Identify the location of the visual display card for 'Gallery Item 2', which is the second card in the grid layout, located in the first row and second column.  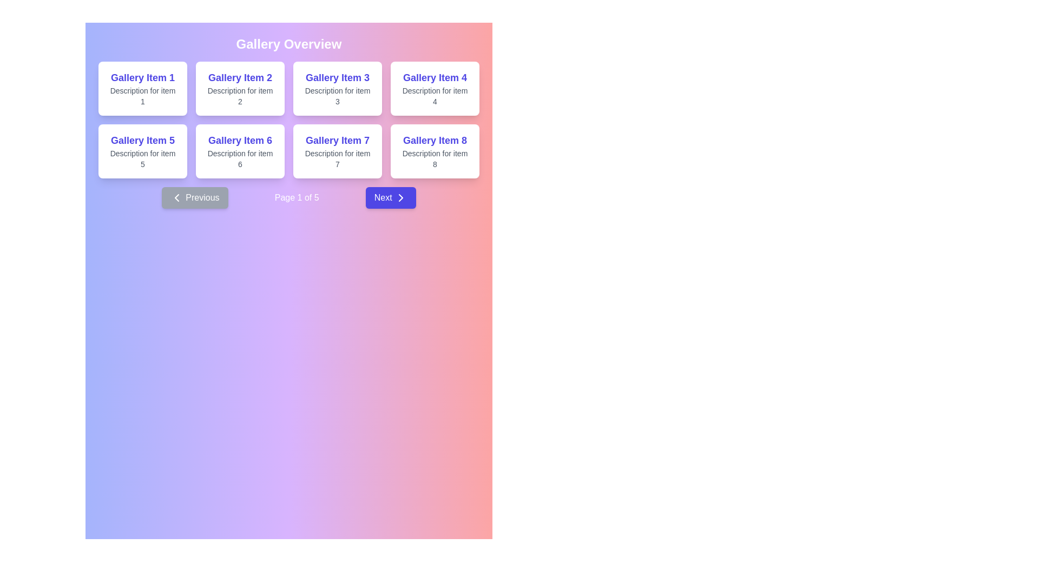
(240, 88).